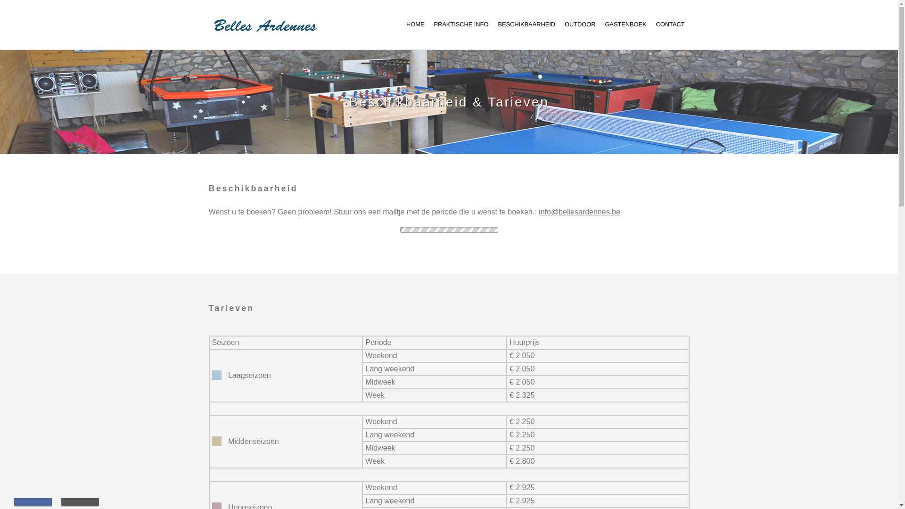 This screenshot has height=509, width=905. Describe the element at coordinates (625, 24) in the screenshot. I see `'GASTENBOEK'` at that location.